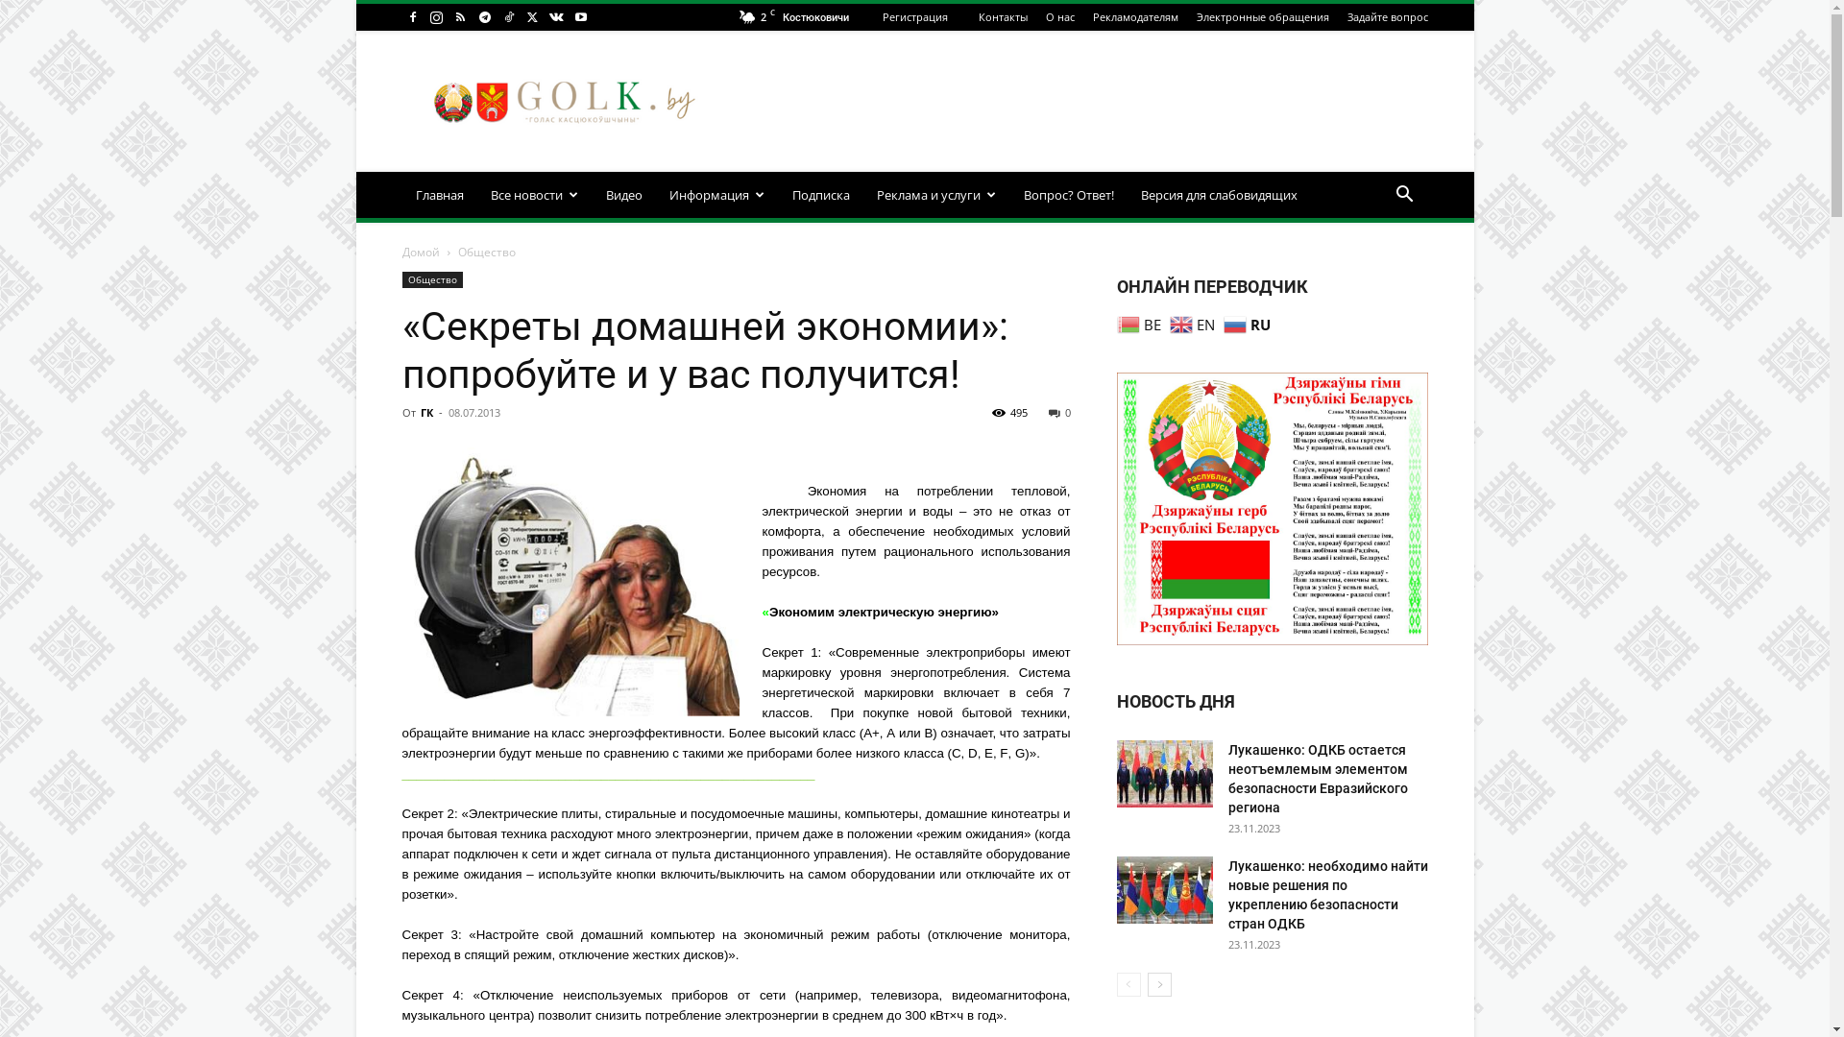 The height and width of the screenshot is (1037, 1844). What do you see at coordinates (1047, 411) in the screenshot?
I see `'0'` at bounding box center [1047, 411].